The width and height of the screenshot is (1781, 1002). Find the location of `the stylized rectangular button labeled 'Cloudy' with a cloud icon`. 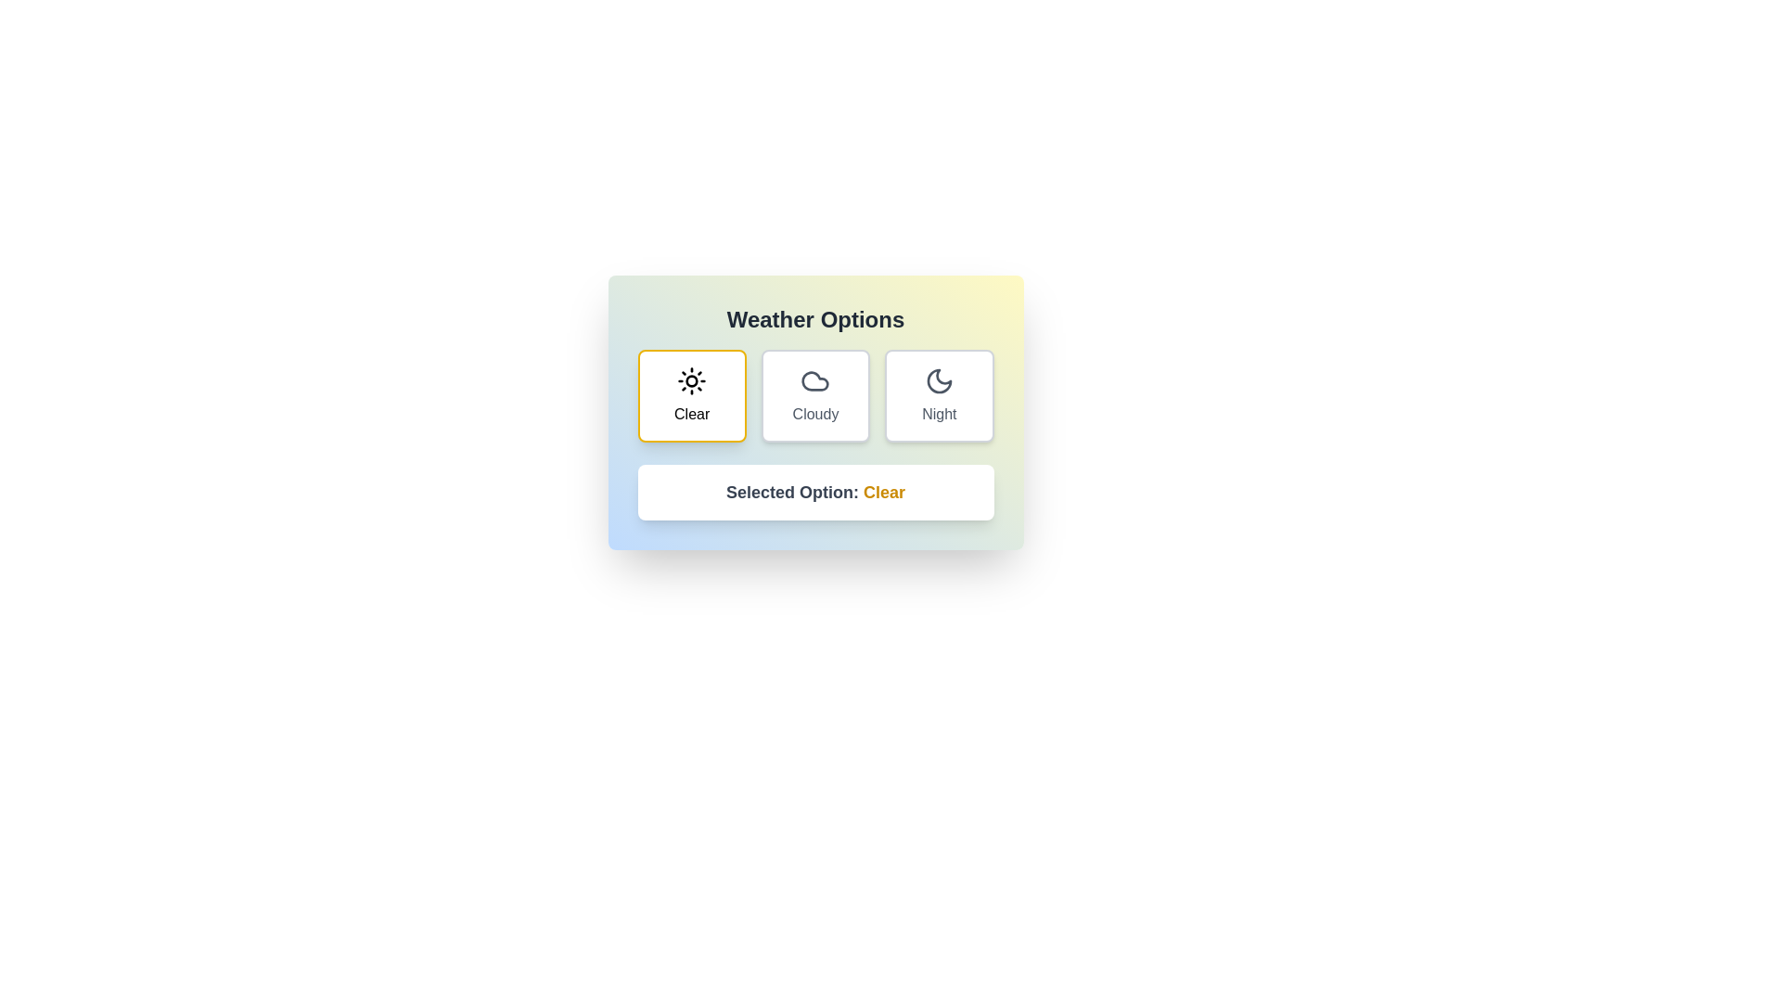

the stylized rectangular button labeled 'Cloudy' with a cloud icon is located at coordinates (815, 395).